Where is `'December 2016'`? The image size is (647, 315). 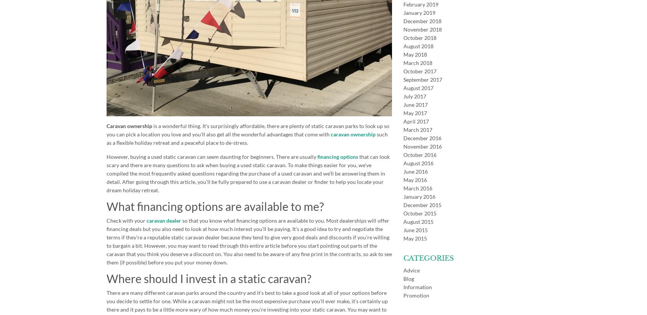
'December 2016' is located at coordinates (422, 138).